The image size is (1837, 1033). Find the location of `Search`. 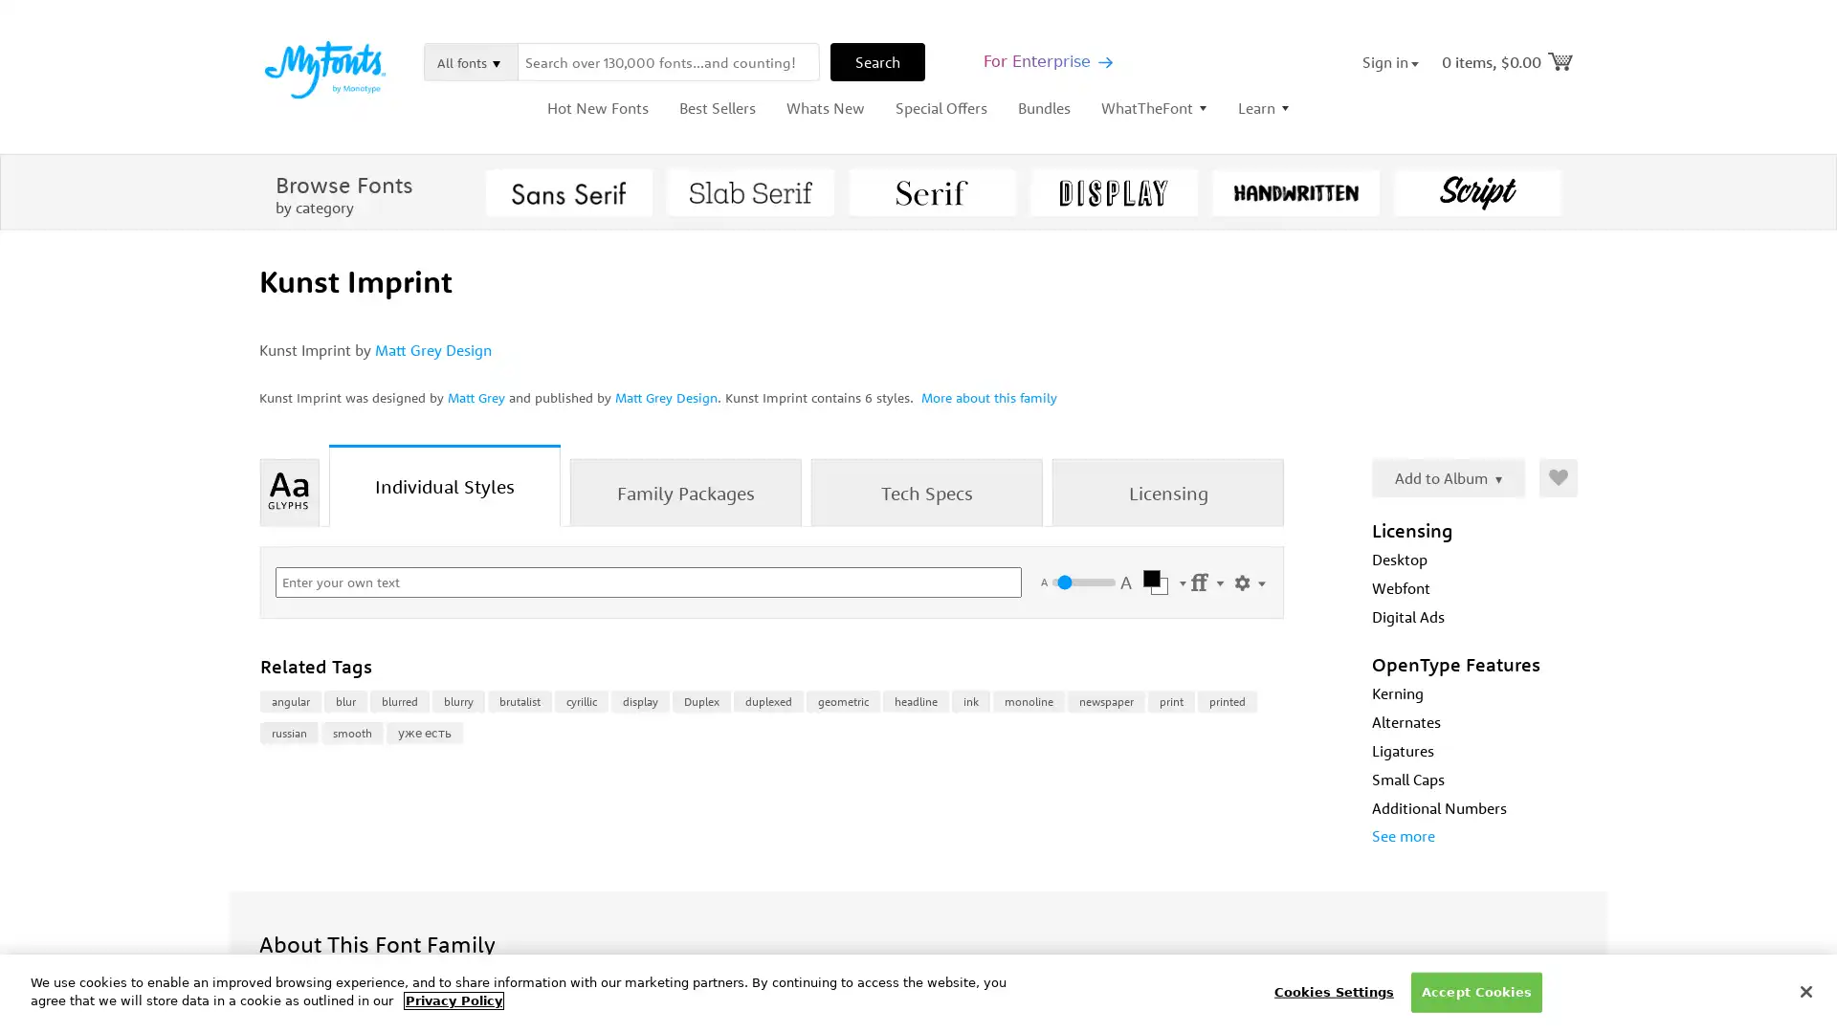

Search is located at coordinates (876, 61).